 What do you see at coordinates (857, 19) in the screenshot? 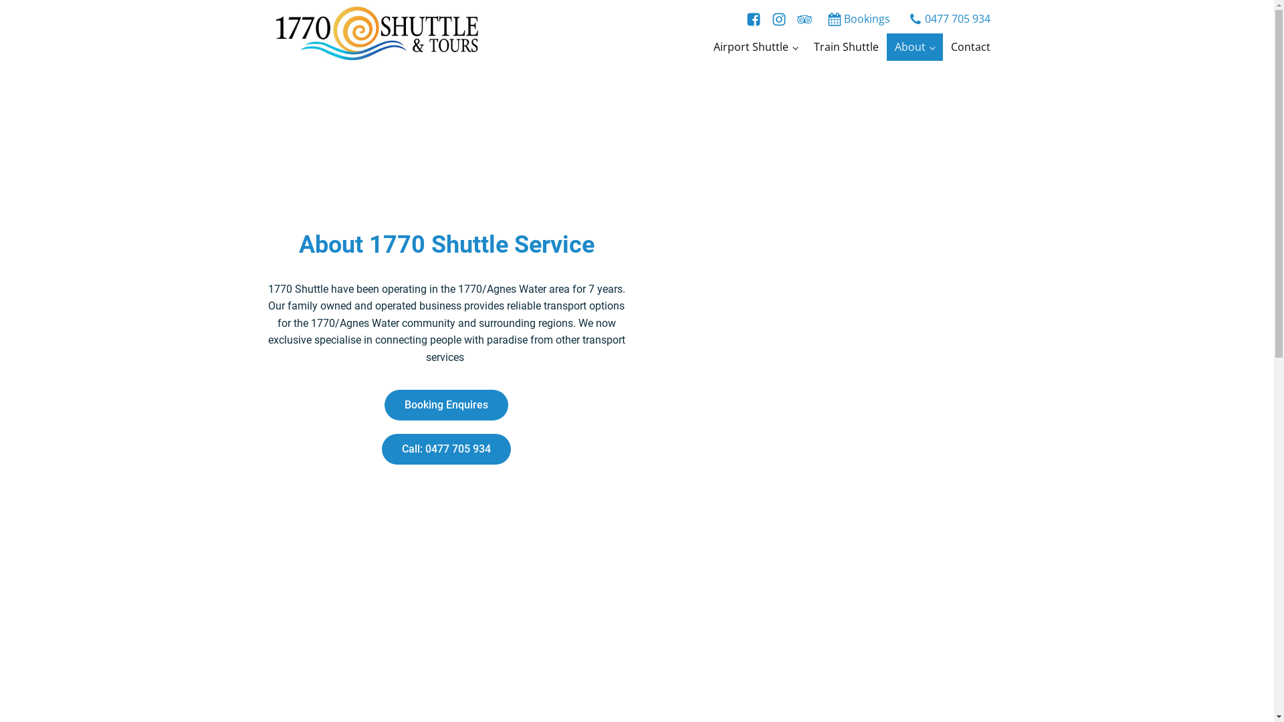
I see `'Bookings'` at bounding box center [857, 19].